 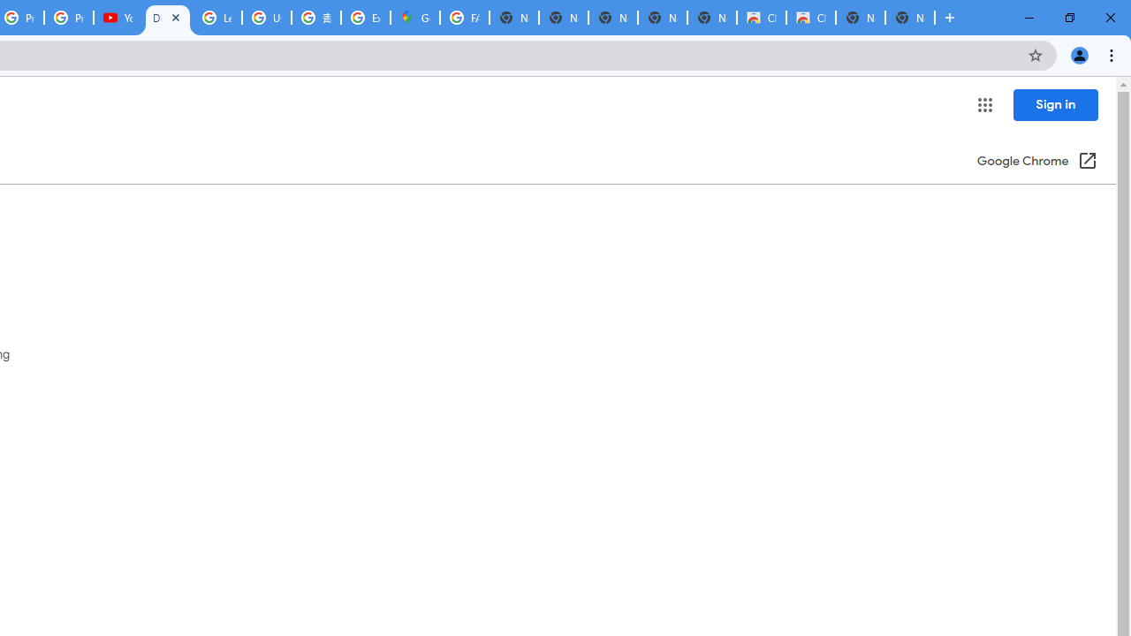 What do you see at coordinates (1036, 162) in the screenshot?
I see `'Google Chrome (Open in a new window)'` at bounding box center [1036, 162].